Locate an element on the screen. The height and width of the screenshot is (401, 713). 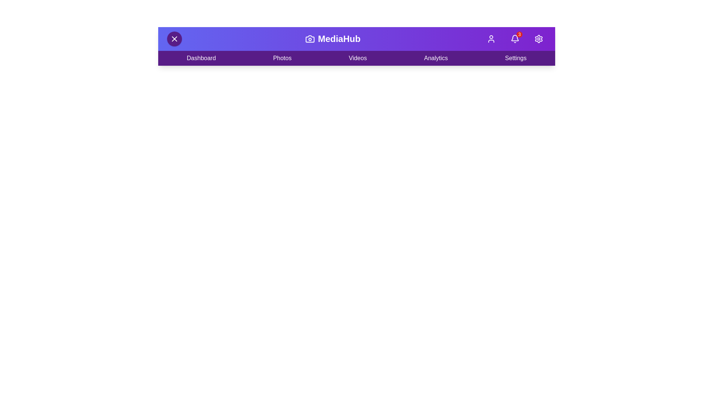
the toggle button to change the menu state is located at coordinates (174, 39).